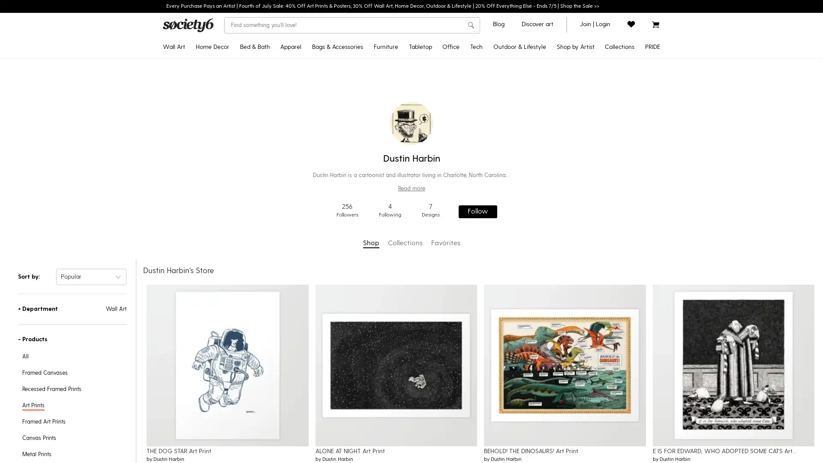 This screenshot has width=823, height=463. What do you see at coordinates (273, 82) in the screenshot?
I see `Duvet Covers` at bounding box center [273, 82].